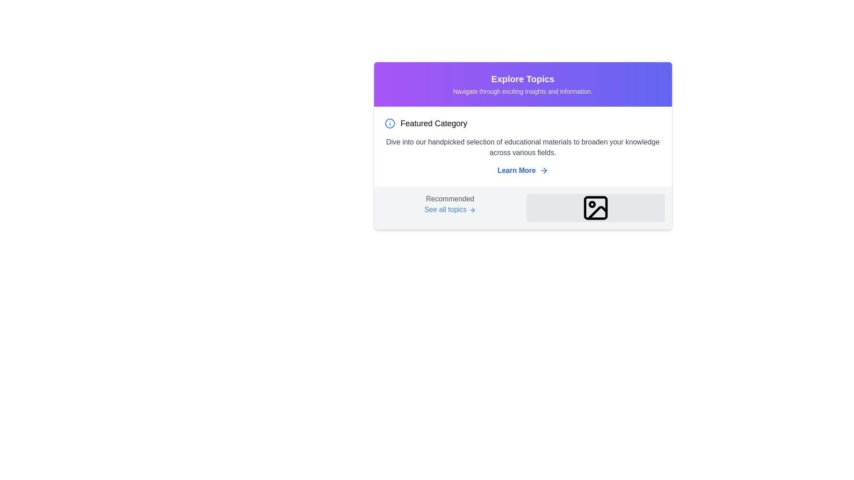 This screenshot has height=480, width=854. I want to click on the small right-facing arrow icon that is gray and outlined, located immediately to the right of the text 'See all topics' in the 'Explore Topics' panel, so click(471, 210).